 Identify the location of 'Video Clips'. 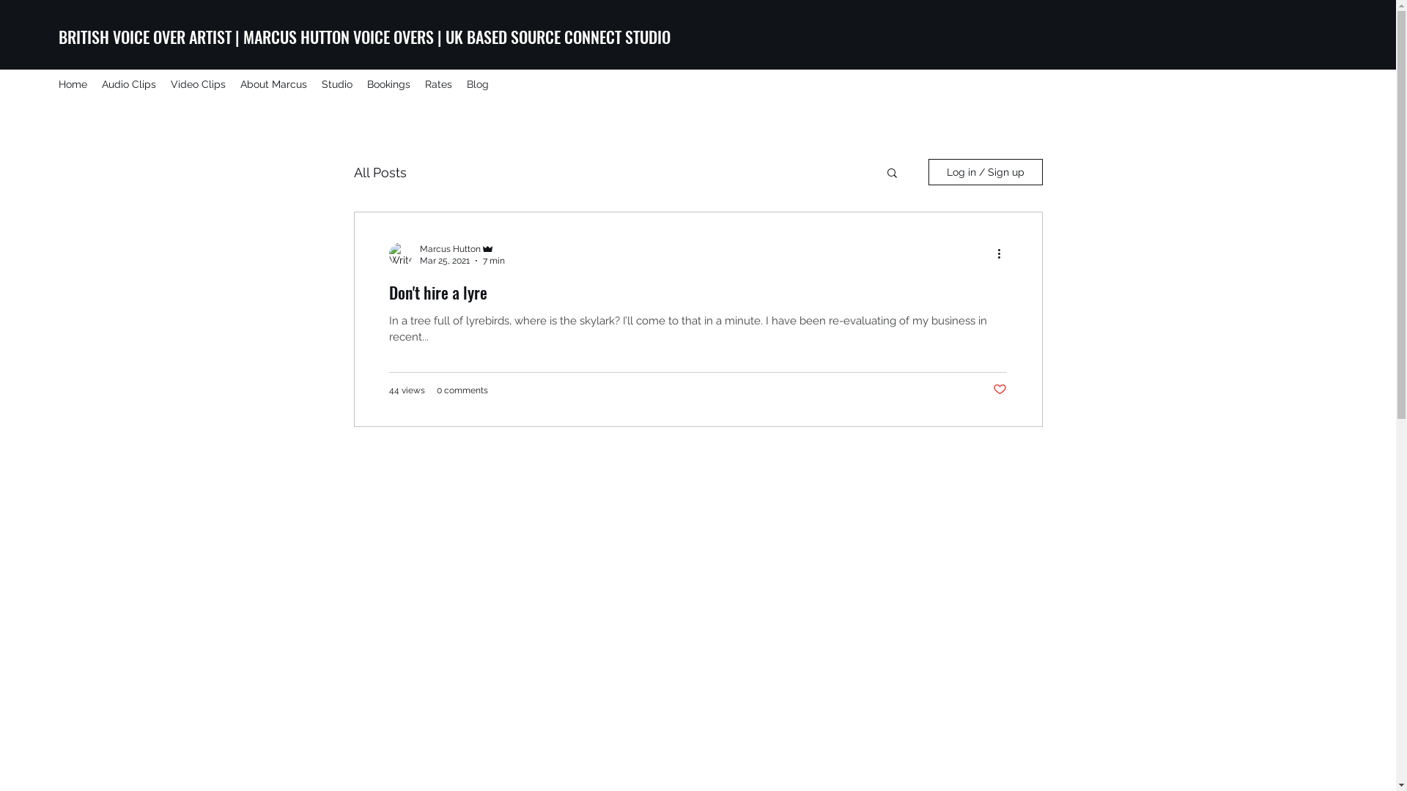
(197, 84).